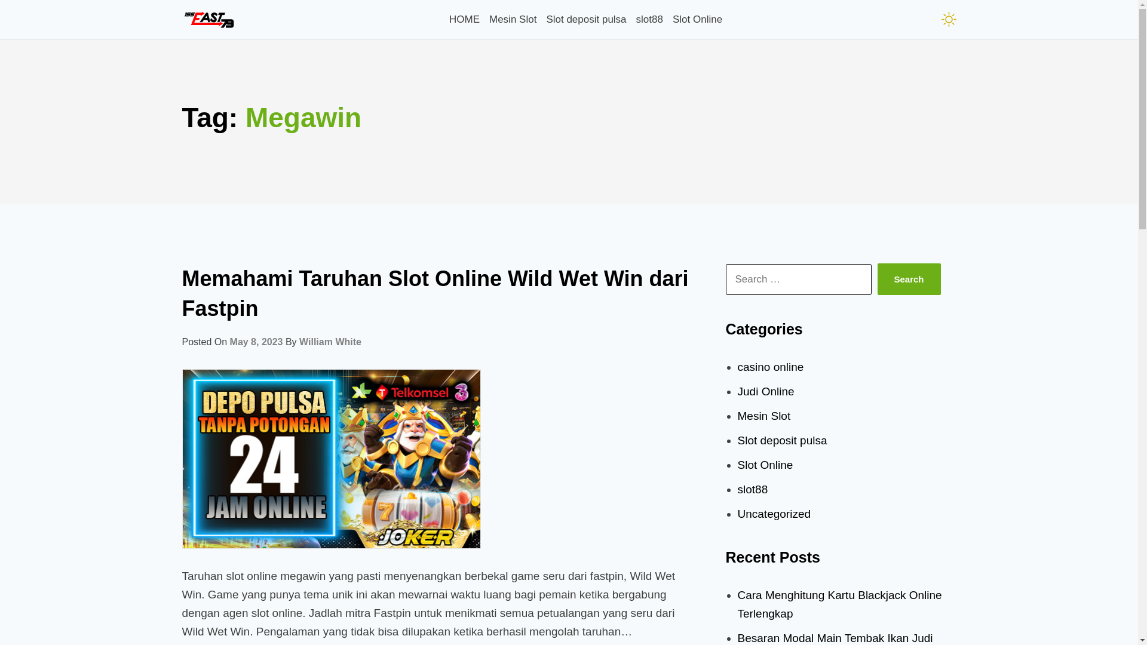 The width and height of the screenshot is (1147, 645). I want to click on 'Slot Online', so click(697, 19).